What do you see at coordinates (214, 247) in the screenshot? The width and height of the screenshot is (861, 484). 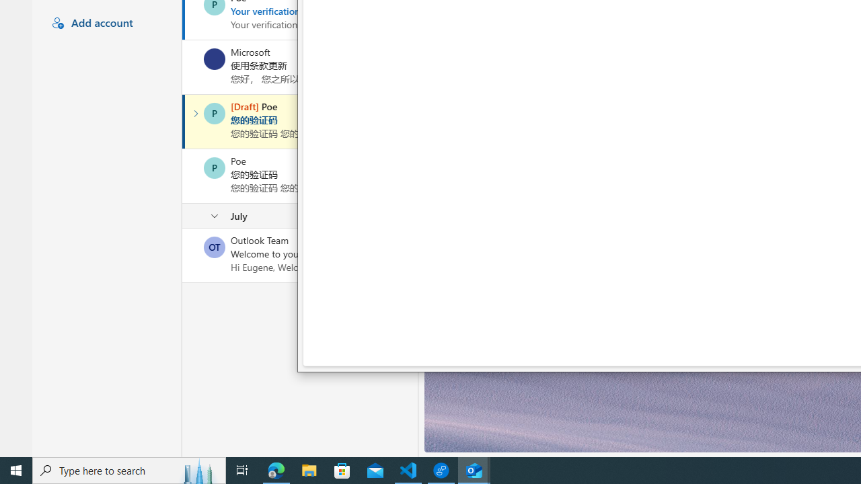 I see `'Outlook Team'` at bounding box center [214, 247].